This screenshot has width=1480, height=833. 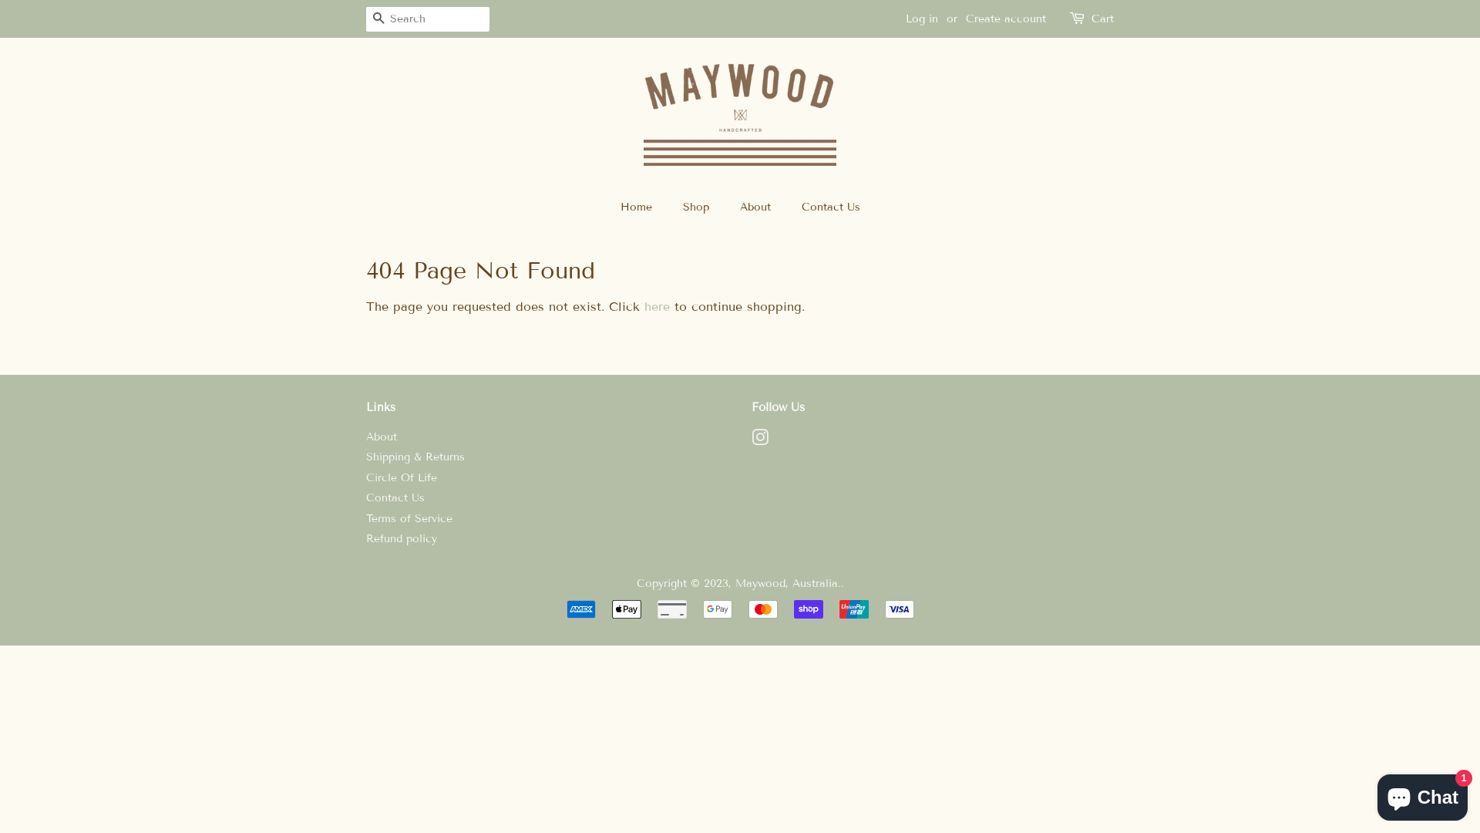 I want to click on 'Search', so click(x=378, y=19).